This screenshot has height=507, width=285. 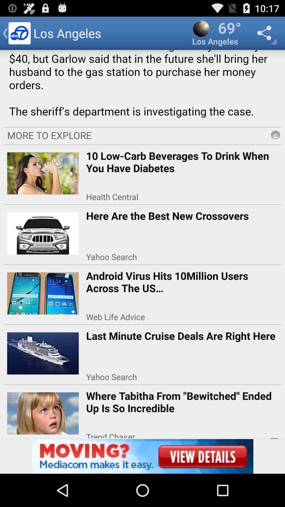 I want to click on open add moving, so click(x=142, y=456).